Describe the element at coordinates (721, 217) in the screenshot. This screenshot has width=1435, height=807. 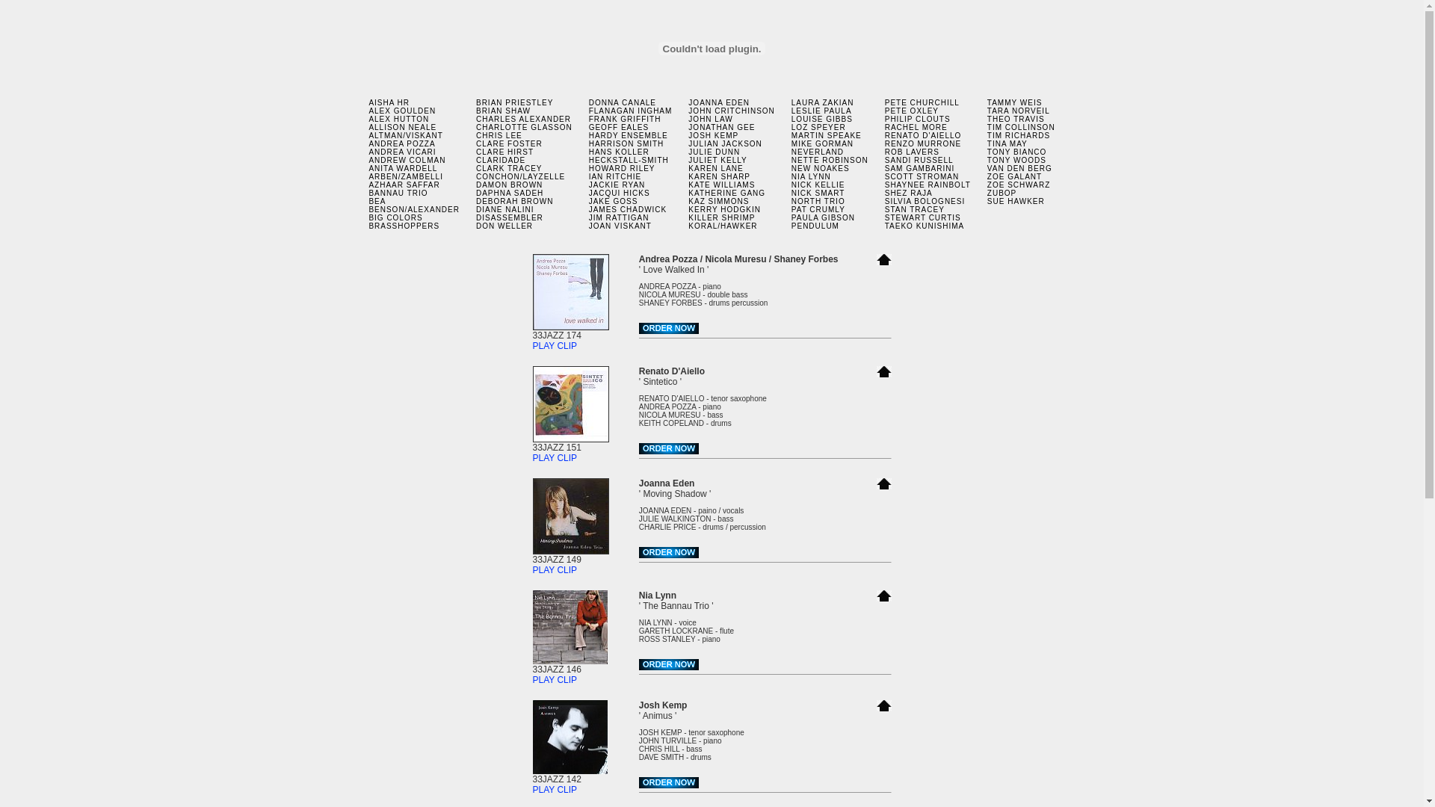
I see `'KILLER SHRIMP'` at that location.